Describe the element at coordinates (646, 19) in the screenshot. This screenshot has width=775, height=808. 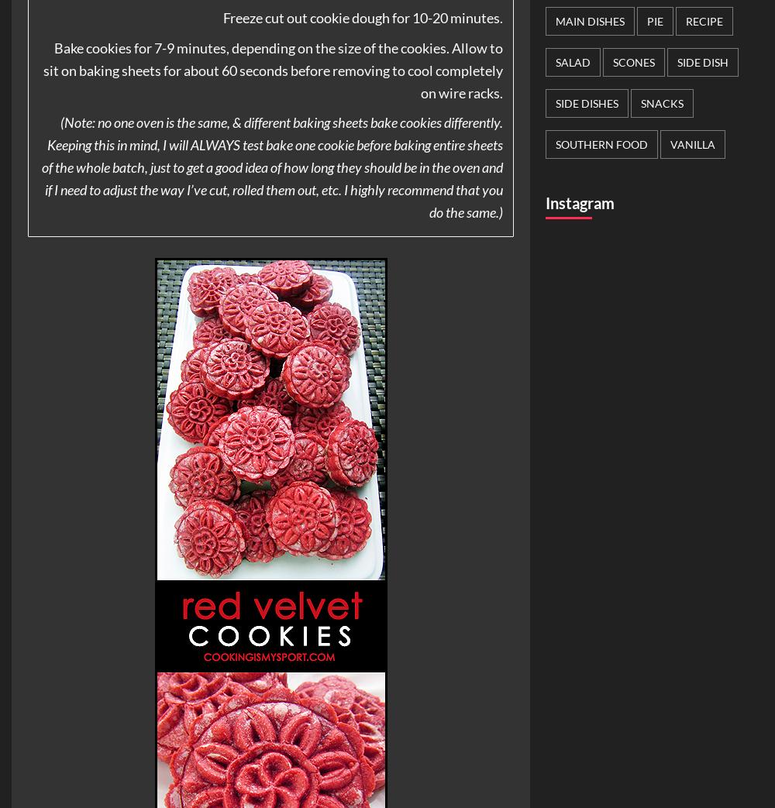
I see `'Pie'` at that location.